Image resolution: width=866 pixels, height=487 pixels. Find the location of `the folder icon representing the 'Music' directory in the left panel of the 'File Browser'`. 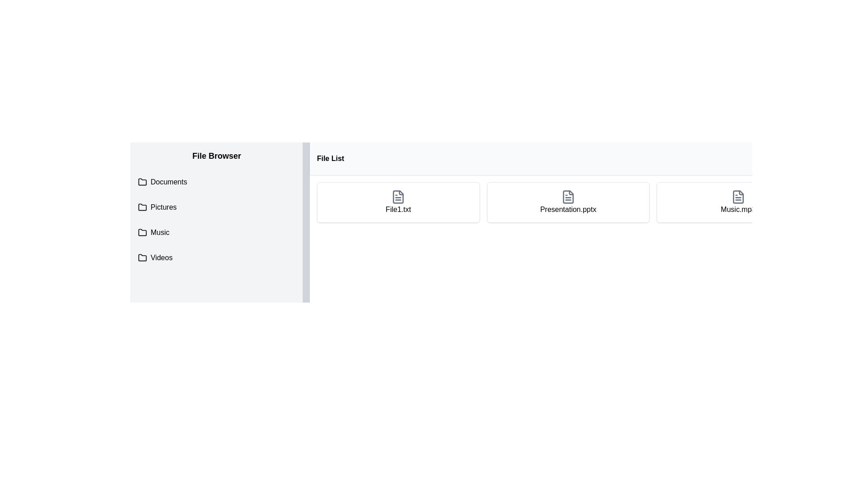

the folder icon representing the 'Music' directory in the left panel of the 'File Browser' is located at coordinates (142, 232).